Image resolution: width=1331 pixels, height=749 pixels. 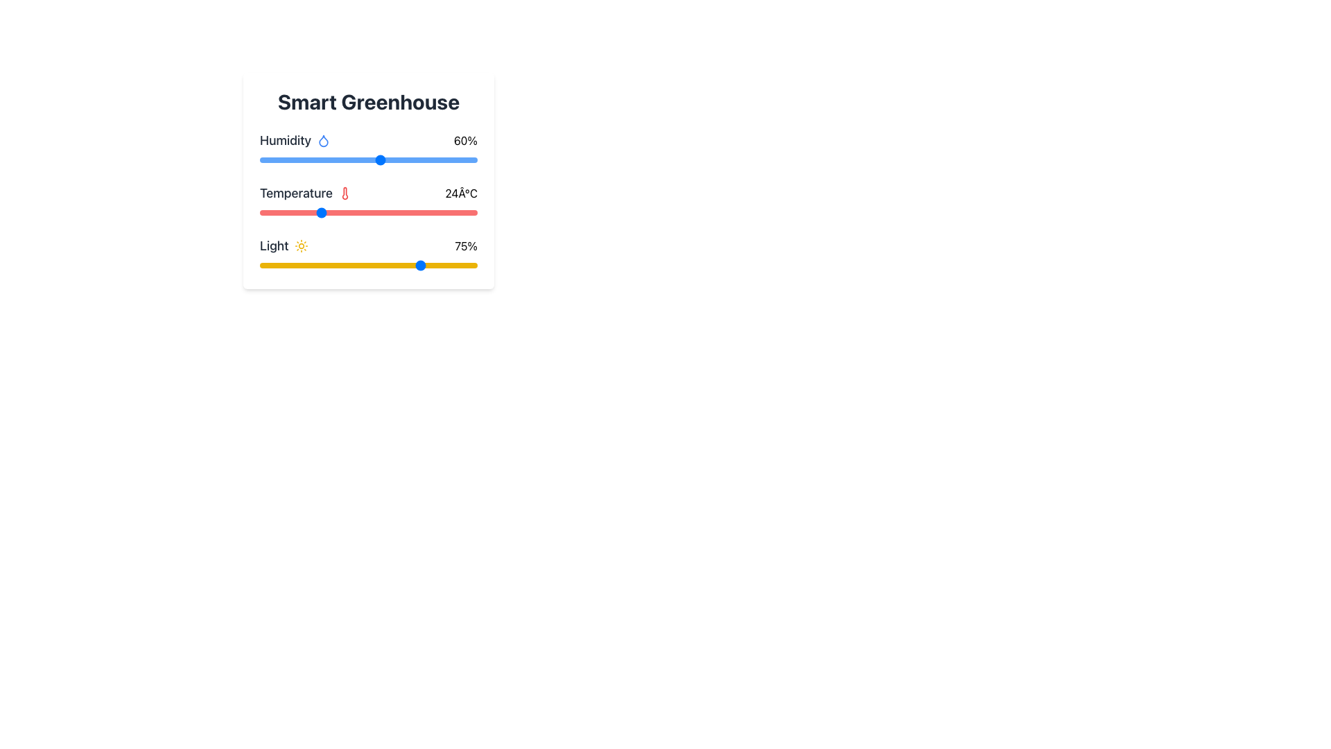 What do you see at coordinates (399, 265) in the screenshot?
I see `light intensity` at bounding box center [399, 265].